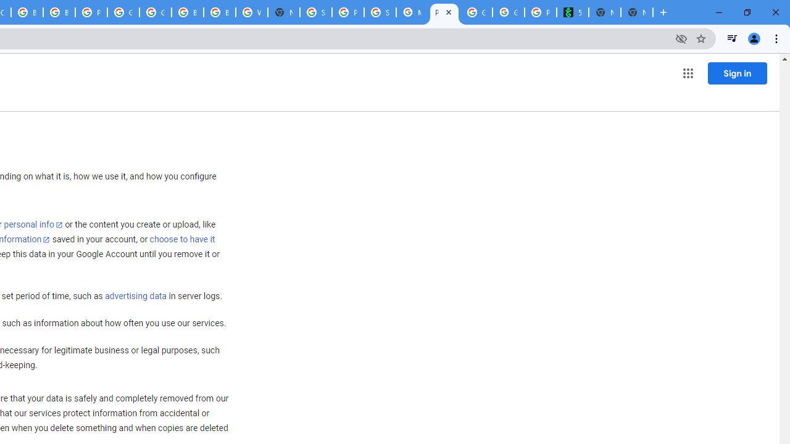 The width and height of the screenshot is (790, 444). Describe the element at coordinates (731, 38) in the screenshot. I see `'Control your music, videos, and more'` at that location.